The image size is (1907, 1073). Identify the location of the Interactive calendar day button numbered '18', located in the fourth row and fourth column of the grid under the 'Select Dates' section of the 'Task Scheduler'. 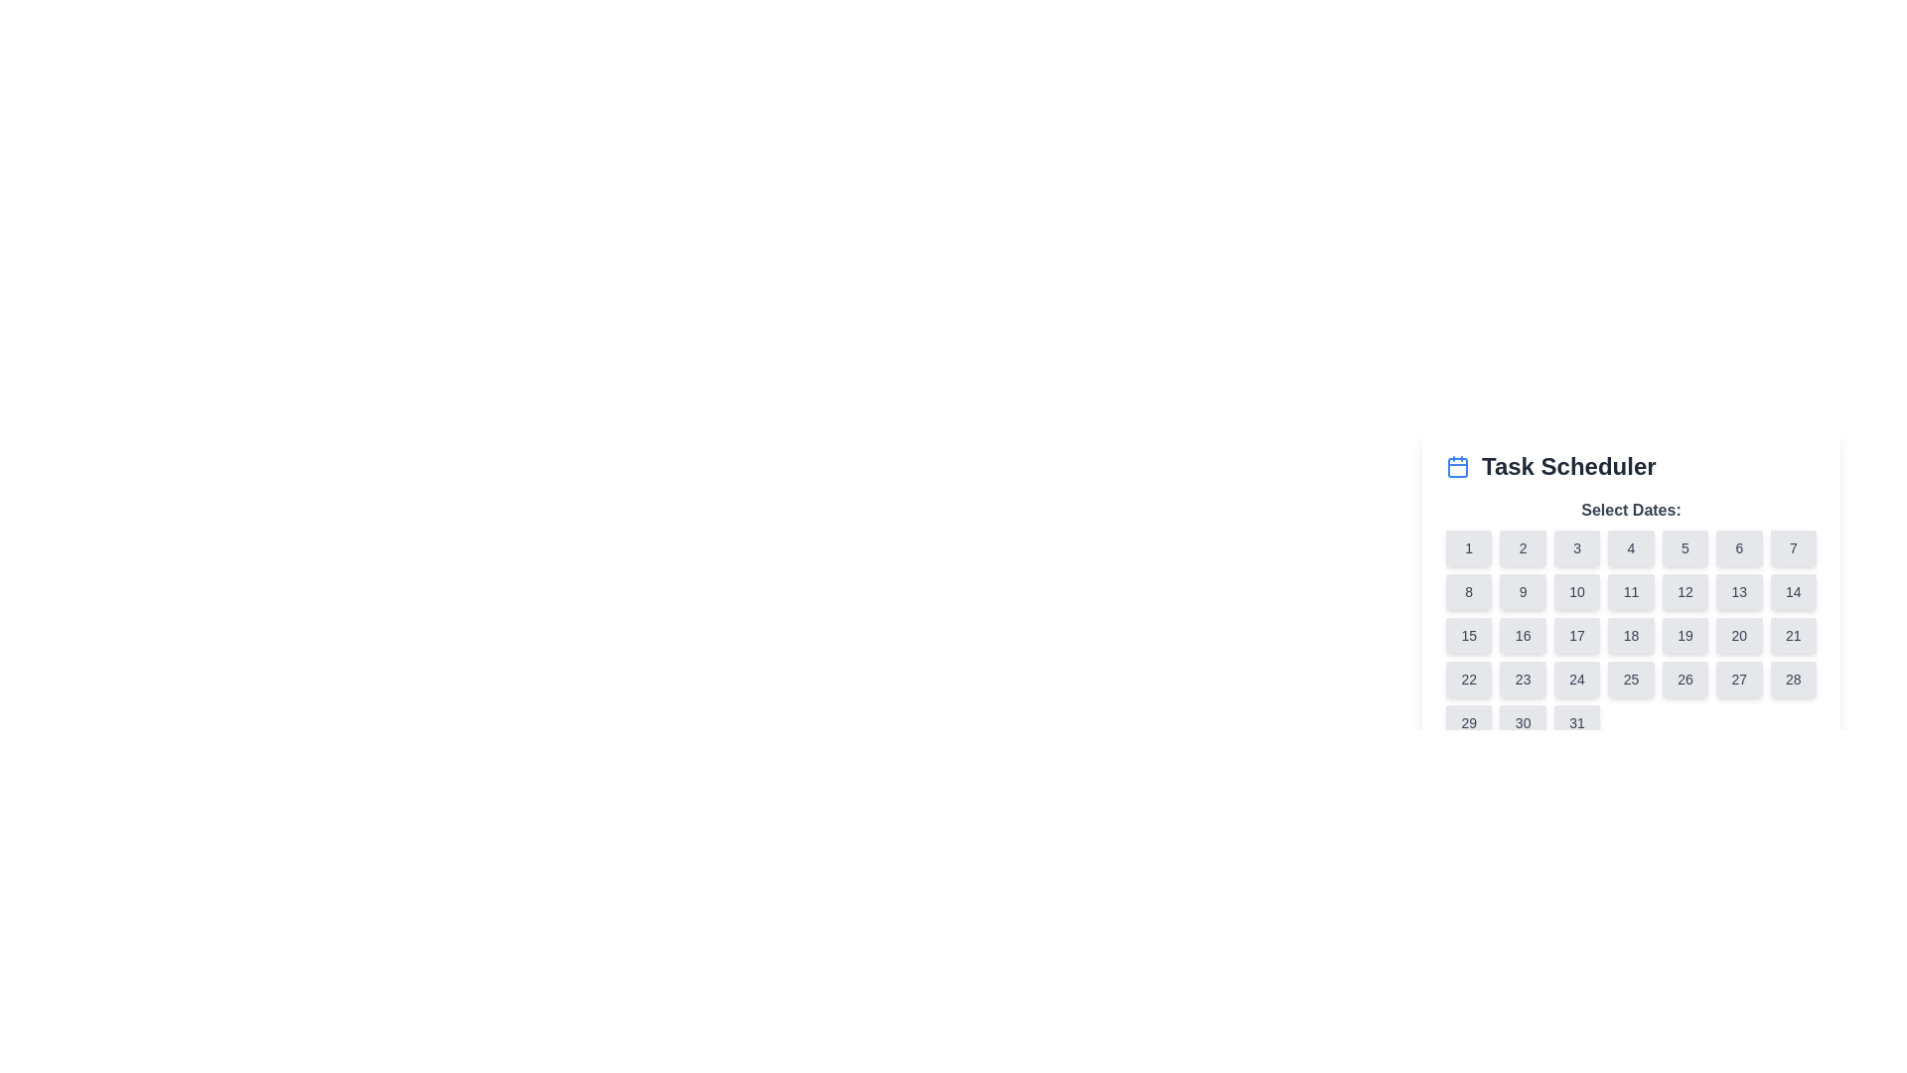
(1631, 636).